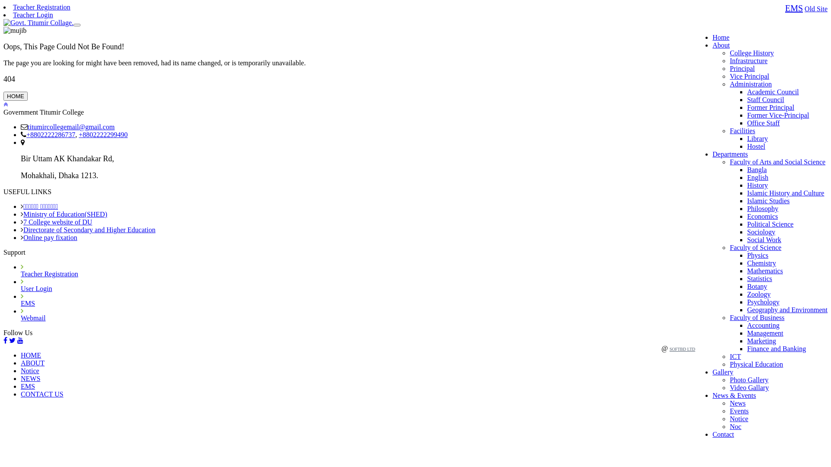  Describe the element at coordinates (32, 363) in the screenshot. I see `'ABOUT'` at that location.